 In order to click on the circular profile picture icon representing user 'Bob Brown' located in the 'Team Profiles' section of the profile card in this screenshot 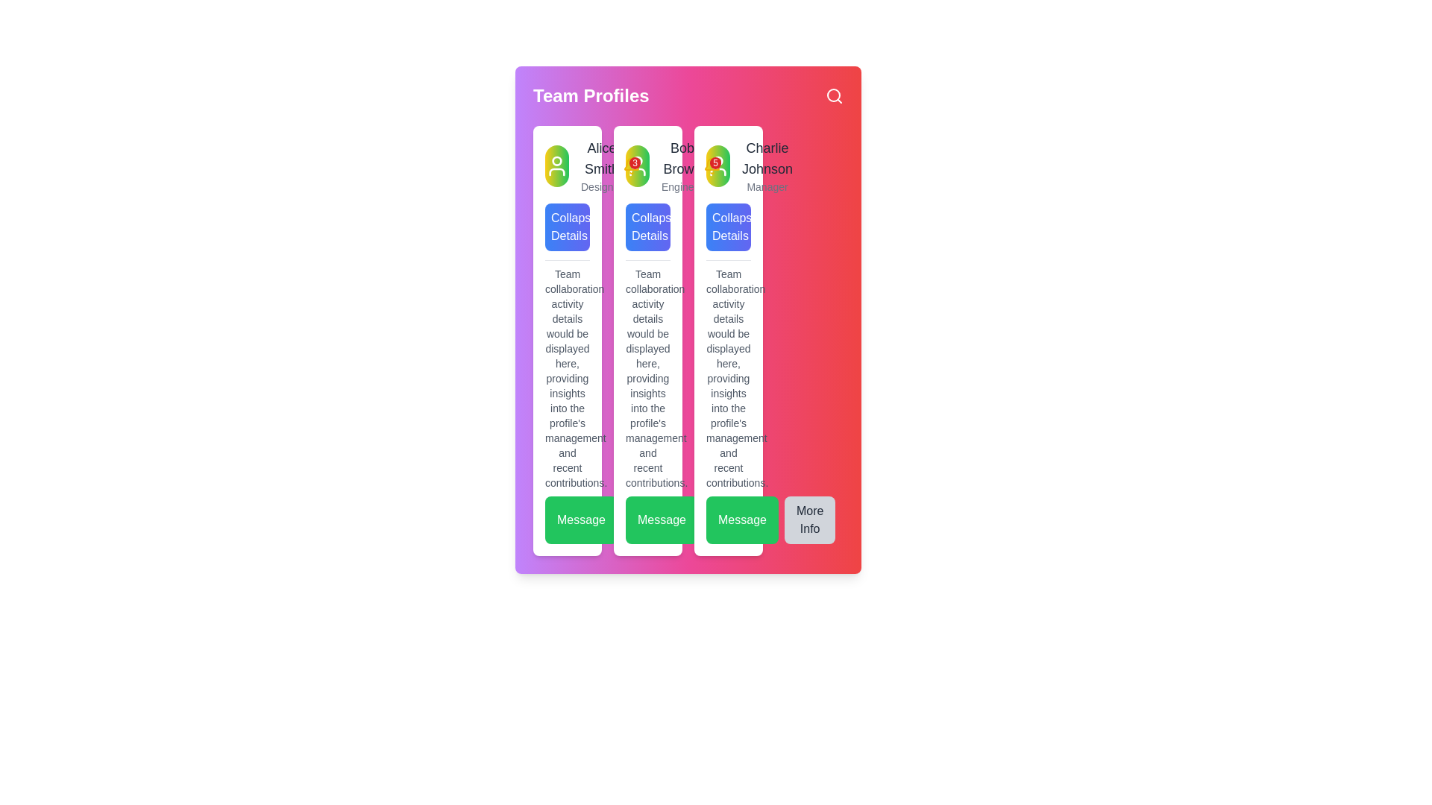, I will do `click(637, 166)`.